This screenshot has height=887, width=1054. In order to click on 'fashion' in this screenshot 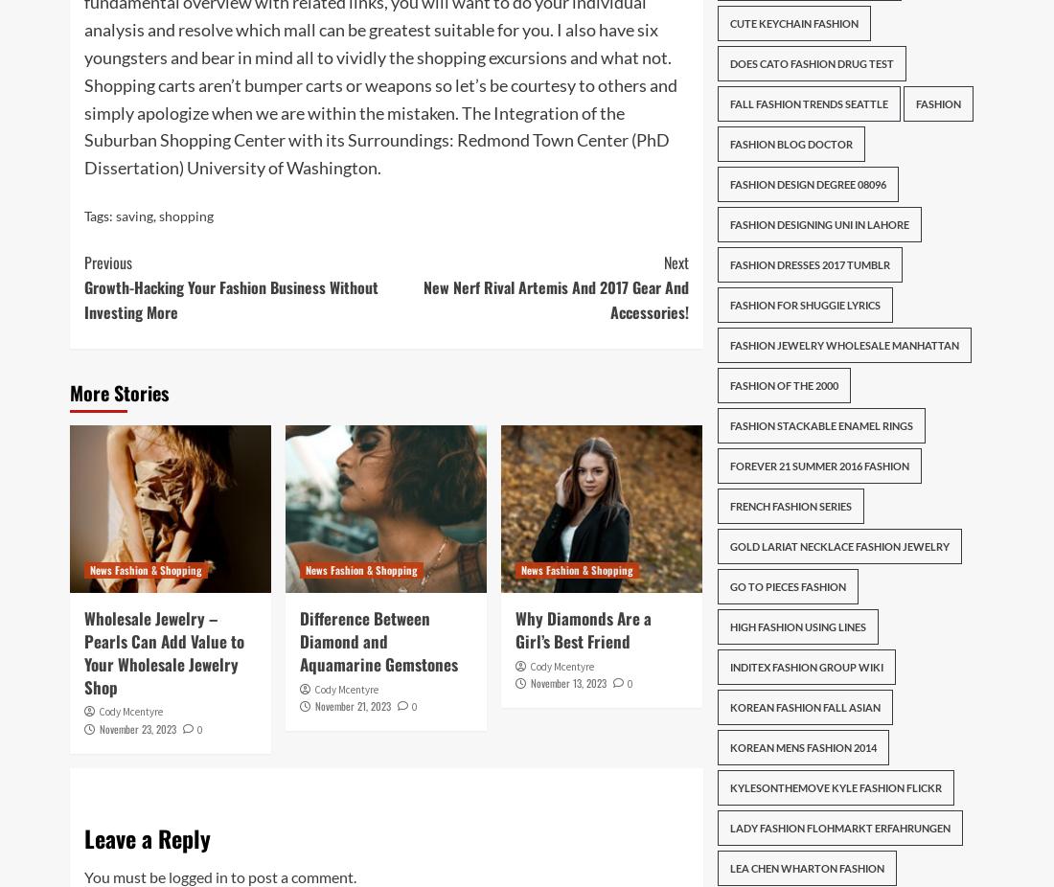, I will do `click(936, 102)`.